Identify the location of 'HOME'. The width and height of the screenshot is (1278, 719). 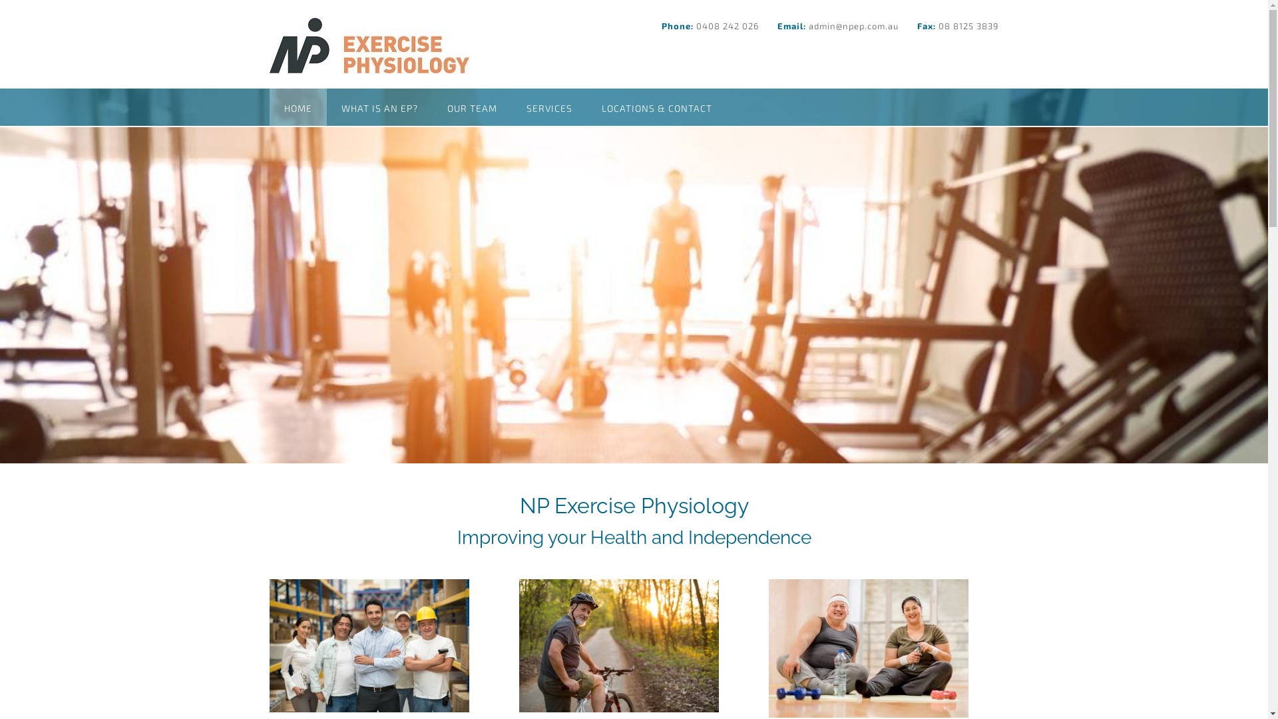
(296, 107).